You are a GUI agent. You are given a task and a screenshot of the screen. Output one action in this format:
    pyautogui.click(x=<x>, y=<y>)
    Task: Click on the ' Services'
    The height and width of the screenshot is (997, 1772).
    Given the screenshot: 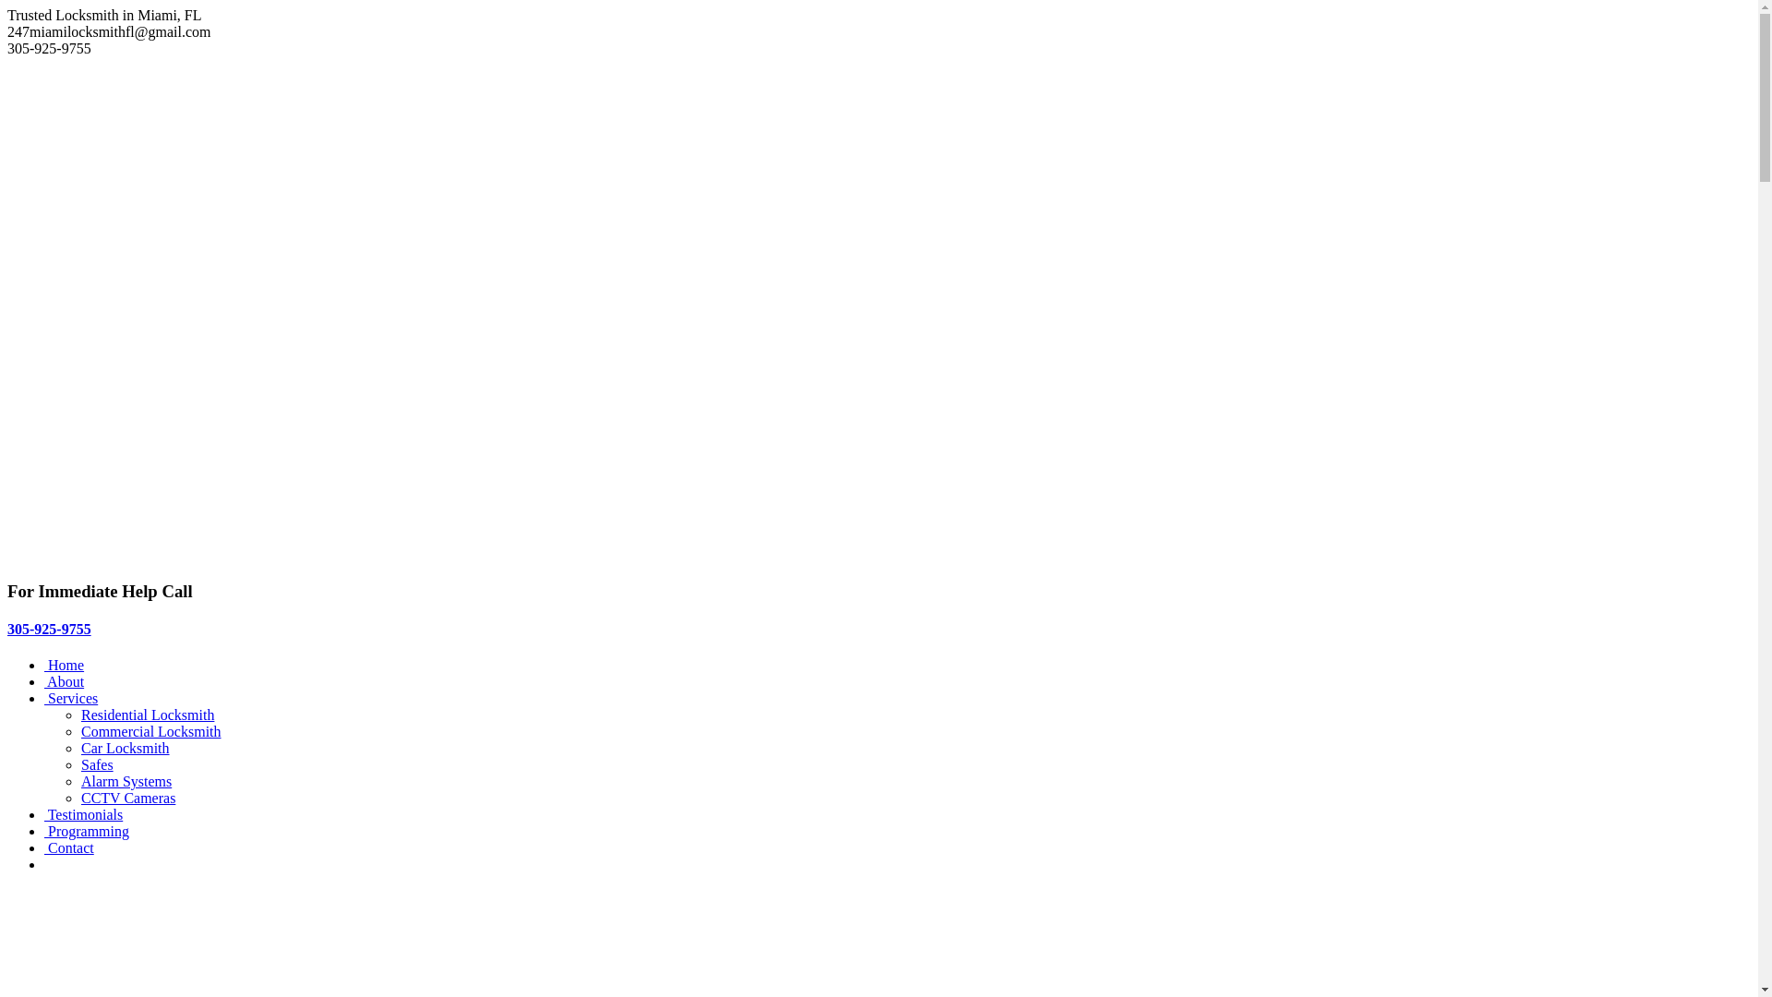 What is the action you would take?
    pyautogui.click(x=70, y=698)
    